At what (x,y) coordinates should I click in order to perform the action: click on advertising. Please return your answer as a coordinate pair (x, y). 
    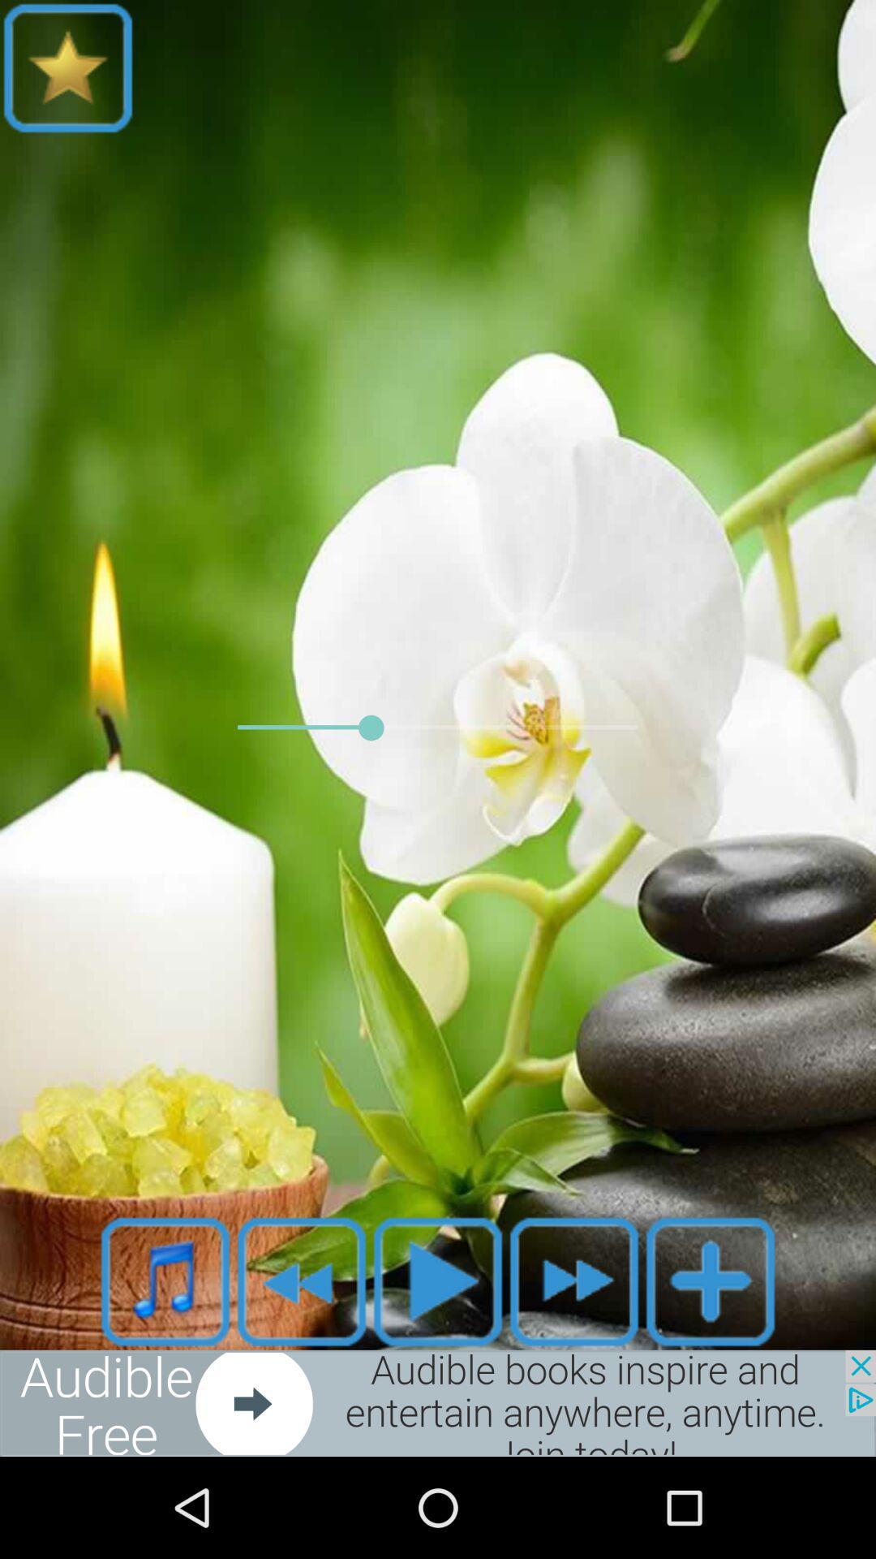
    Looking at the image, I should click on (438, 1402).